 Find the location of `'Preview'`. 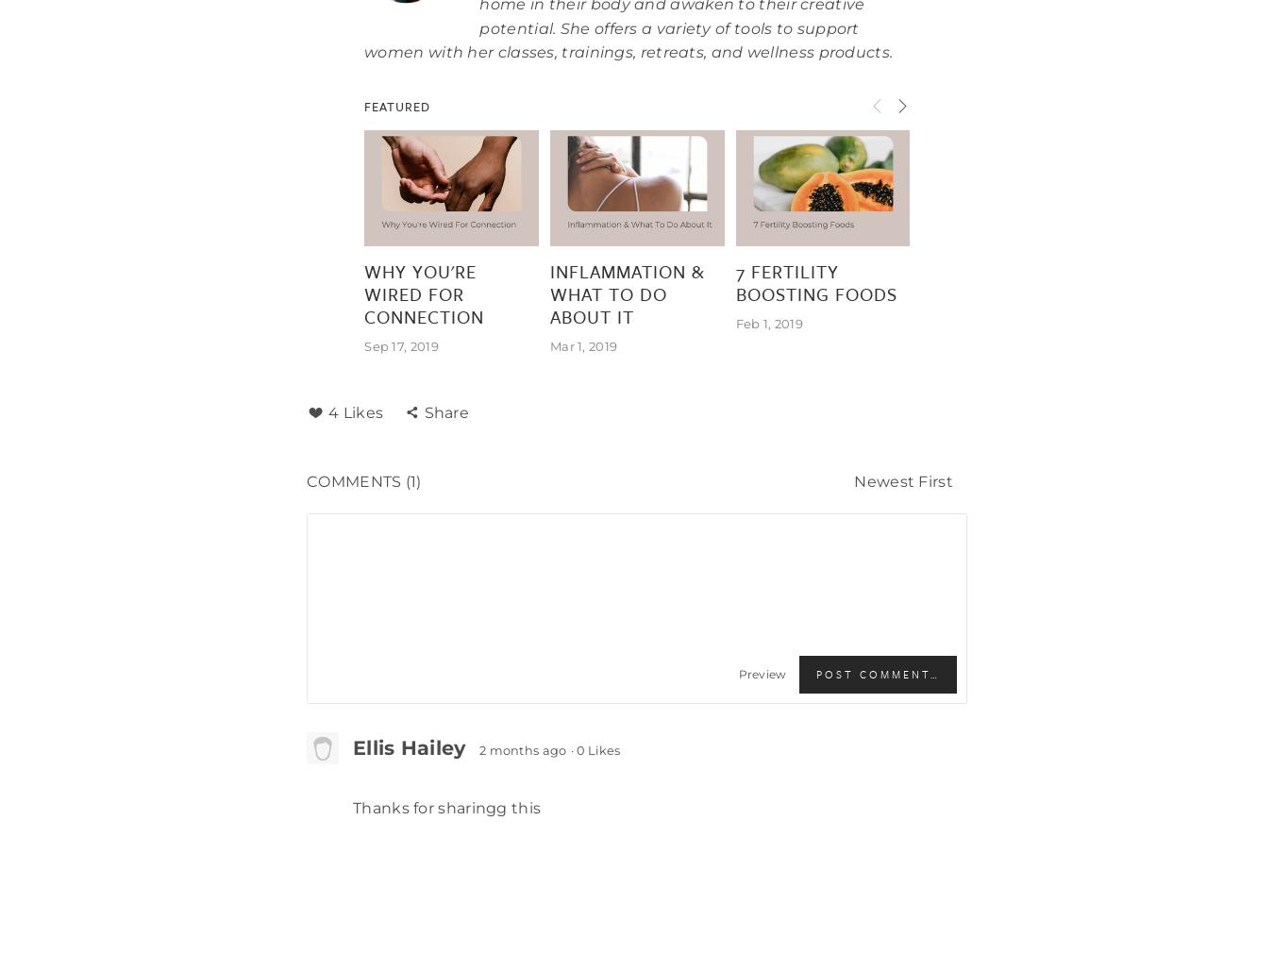

'Preview' is located at coordinates (762, 672).